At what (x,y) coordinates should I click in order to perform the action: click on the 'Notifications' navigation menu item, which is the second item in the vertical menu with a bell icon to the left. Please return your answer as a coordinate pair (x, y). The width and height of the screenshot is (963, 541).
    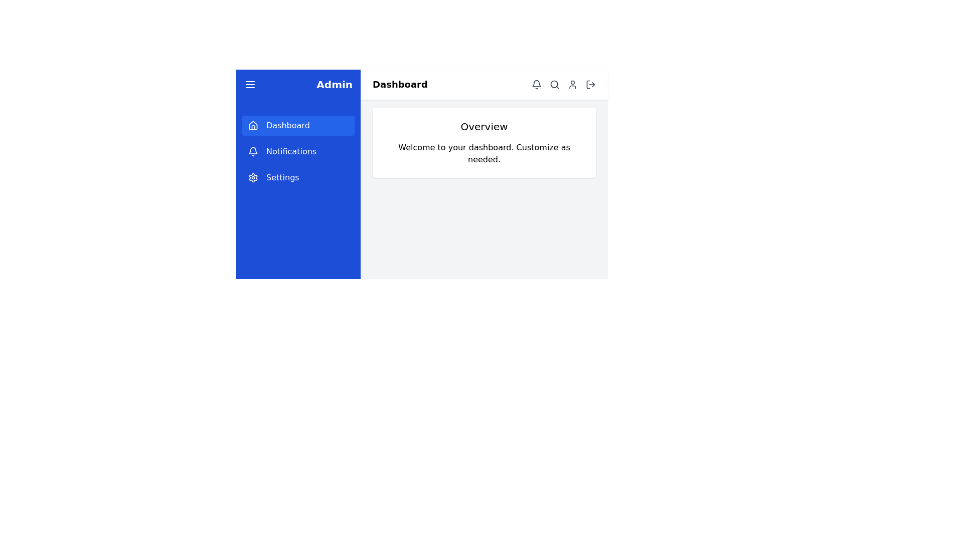
    Looking at the image, I should click on (298, 152).